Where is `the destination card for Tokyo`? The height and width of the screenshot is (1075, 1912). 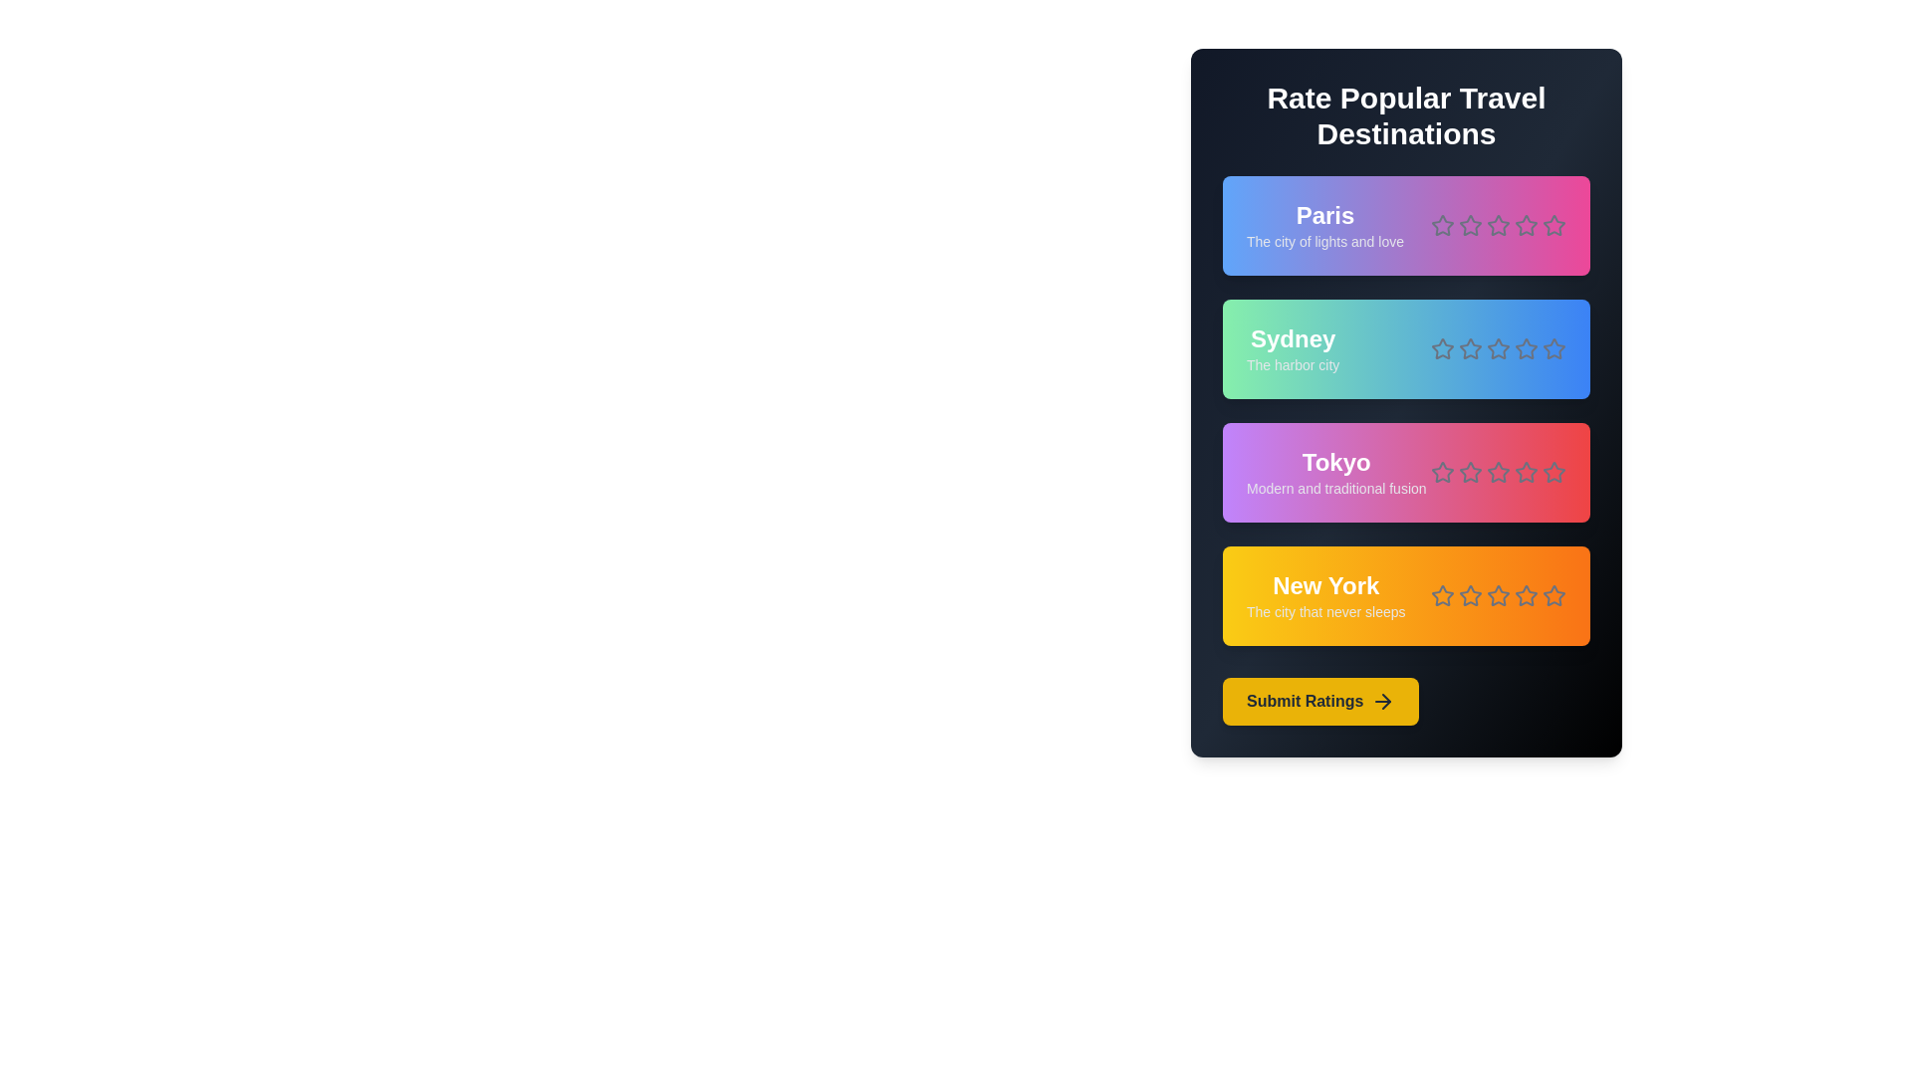 the destination card for Tokyo is located at coordinates (1405, 472).